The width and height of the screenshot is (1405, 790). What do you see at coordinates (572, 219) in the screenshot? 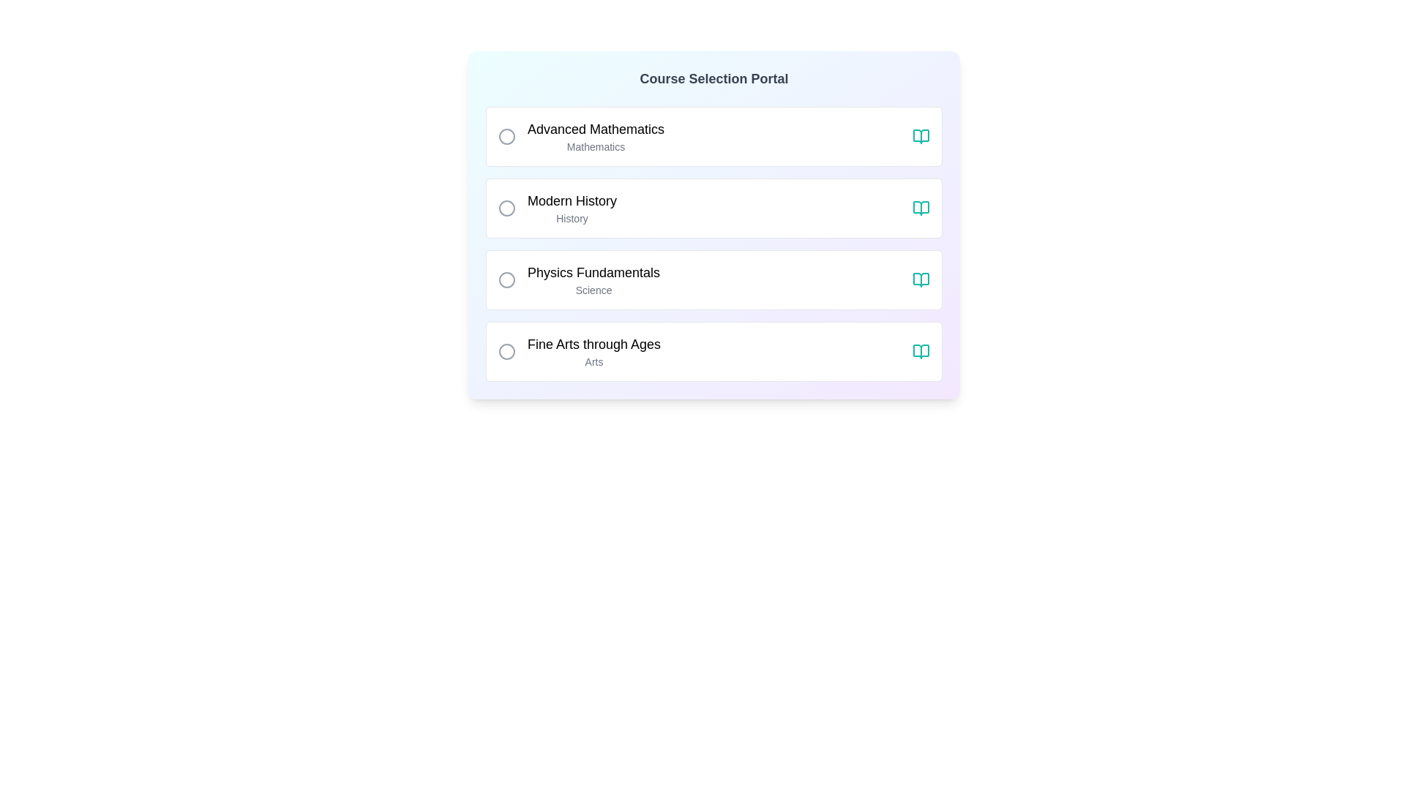
I see `the static text label displaying 'History' located below the title 'Modern History' in the course selection list` at bounding box center [572, 219].